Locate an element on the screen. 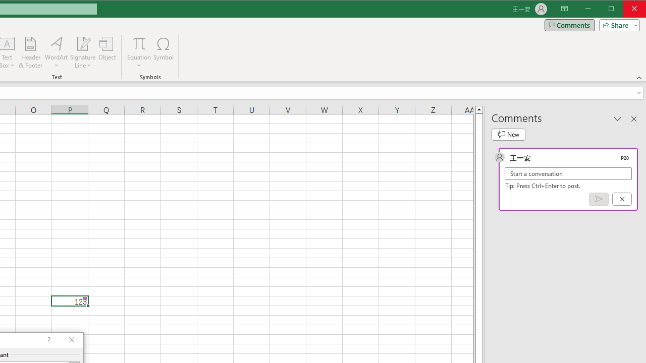 The image size is (646, 363). 'Close' is located at coordinates (636, 10).